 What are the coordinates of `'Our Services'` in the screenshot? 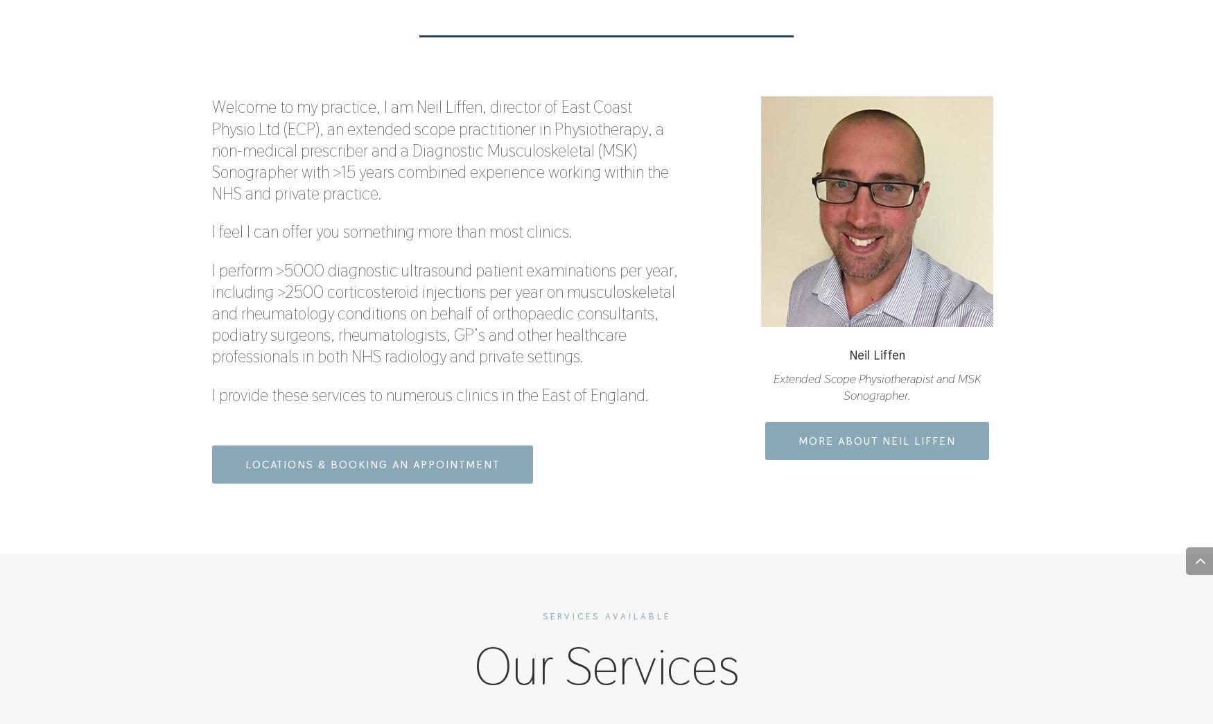 It's located at (606, 664).